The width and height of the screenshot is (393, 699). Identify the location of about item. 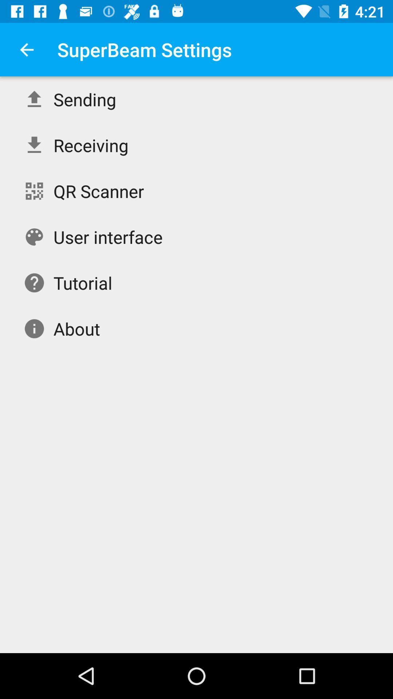
(77, 328).